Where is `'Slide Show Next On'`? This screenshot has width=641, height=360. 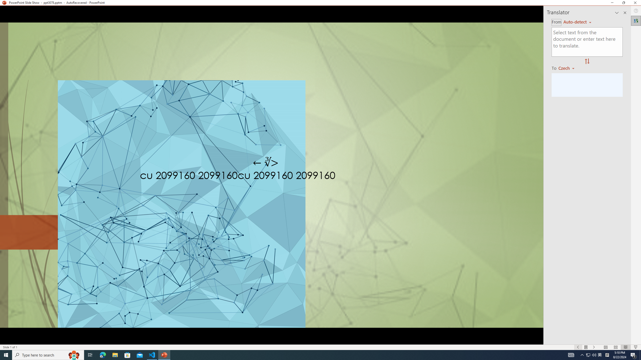 'Slide Show Next On' is located at coordinates (594, 347).